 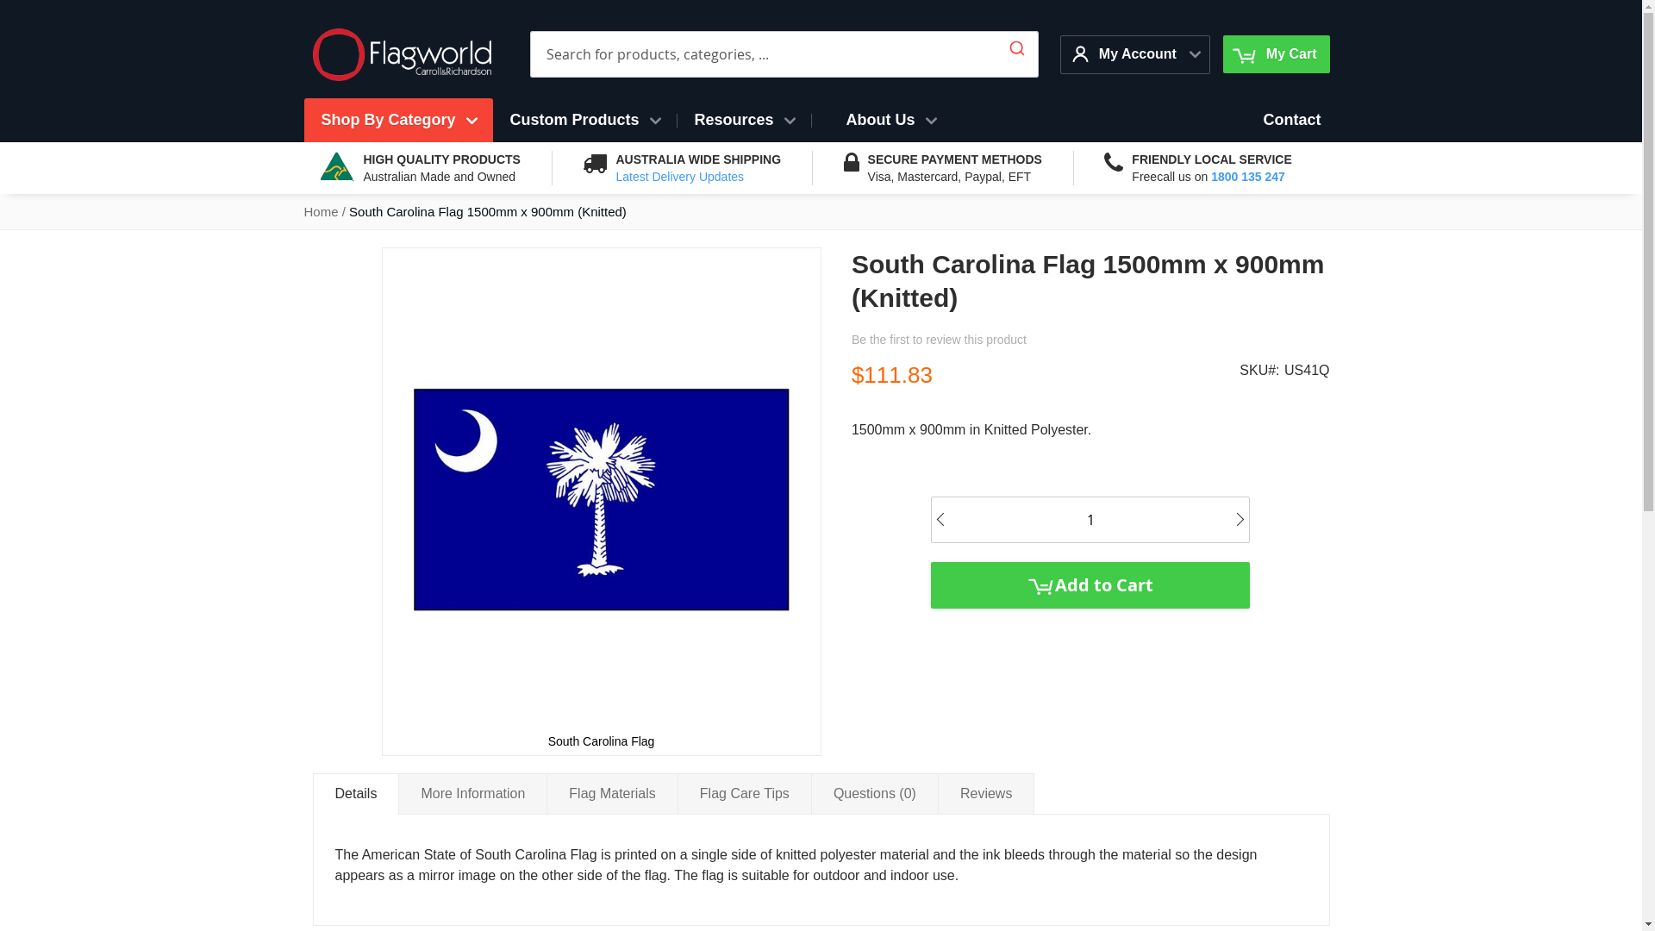 I want to click on 'Flagworld Logo', so click(x=311, y=53).